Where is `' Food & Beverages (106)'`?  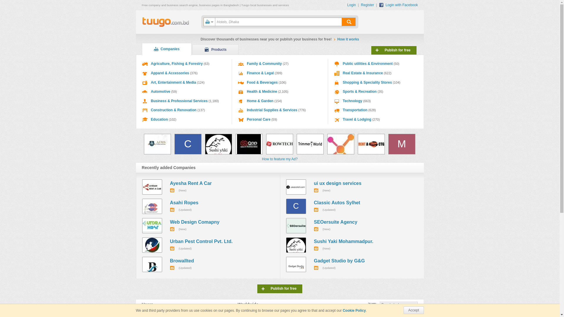 ' Food & Beverages (106)' is located at coordinates (280, 82).